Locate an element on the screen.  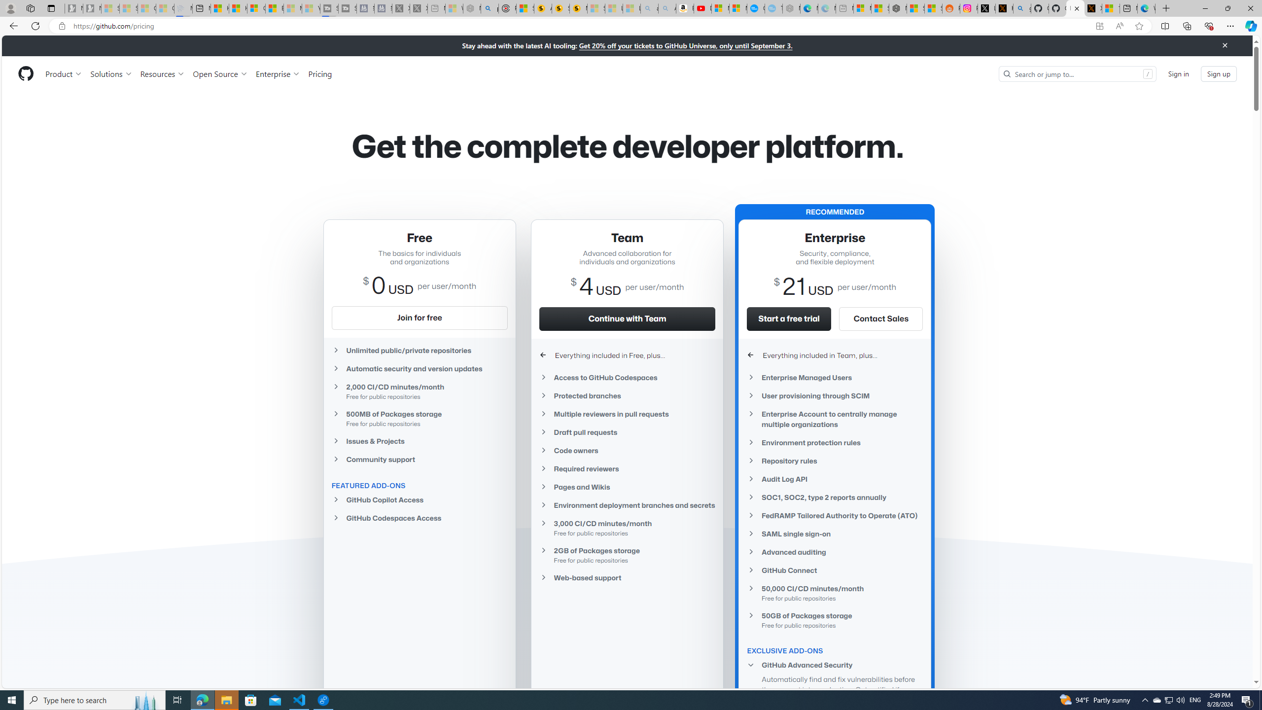
'Microsoft Start - Sleeping' is located at coordinates (292, 8).